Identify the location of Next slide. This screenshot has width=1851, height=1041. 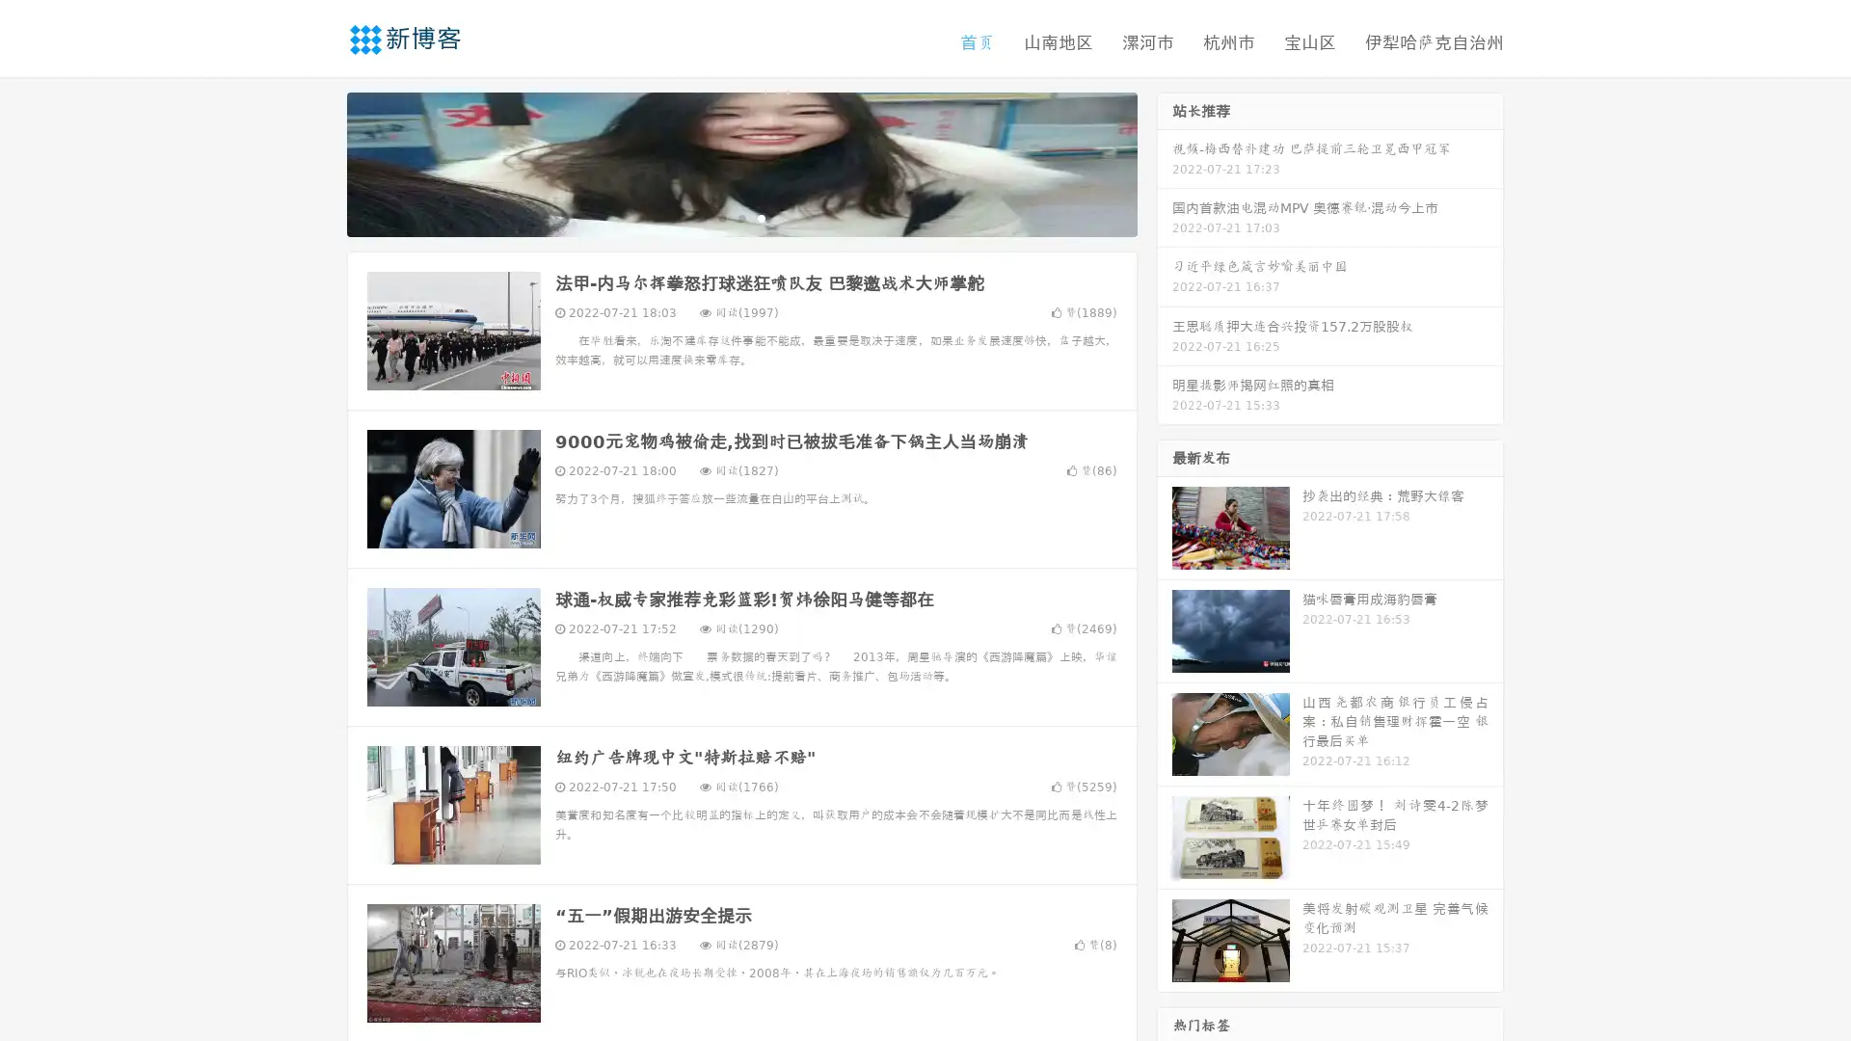
(1165, 162).